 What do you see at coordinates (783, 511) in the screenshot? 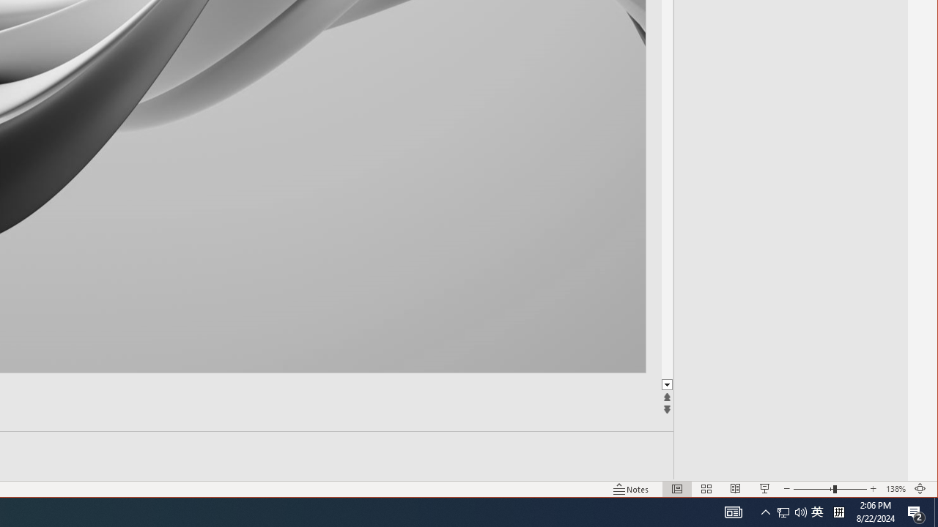
I see `'Slide Show'` at bounding box center [783, 511].